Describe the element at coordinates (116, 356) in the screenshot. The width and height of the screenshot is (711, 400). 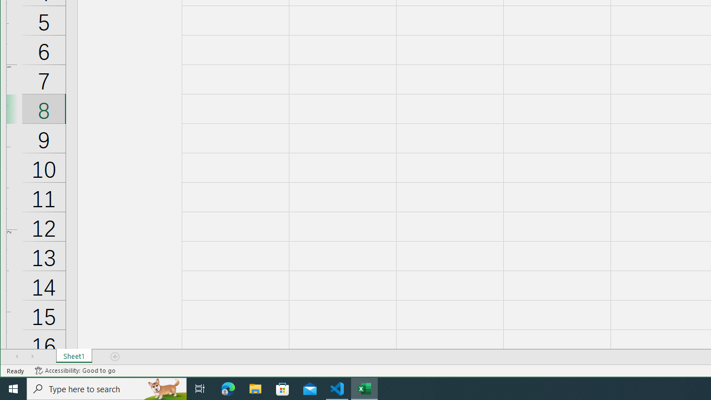
I see `'Add Sheet'` at that location.